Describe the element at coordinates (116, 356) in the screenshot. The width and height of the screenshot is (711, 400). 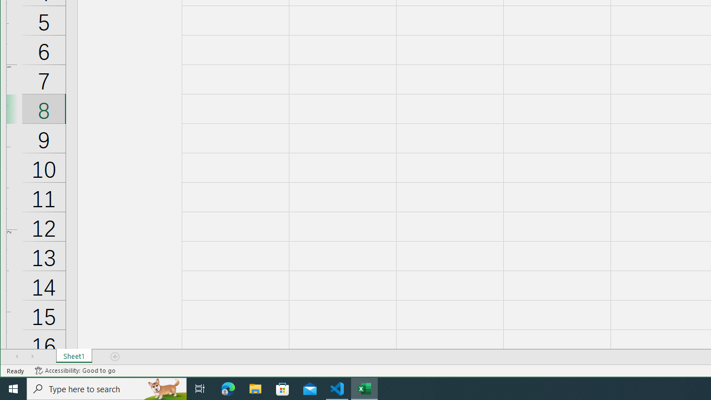
I see `'Add Sheet'` at that location.